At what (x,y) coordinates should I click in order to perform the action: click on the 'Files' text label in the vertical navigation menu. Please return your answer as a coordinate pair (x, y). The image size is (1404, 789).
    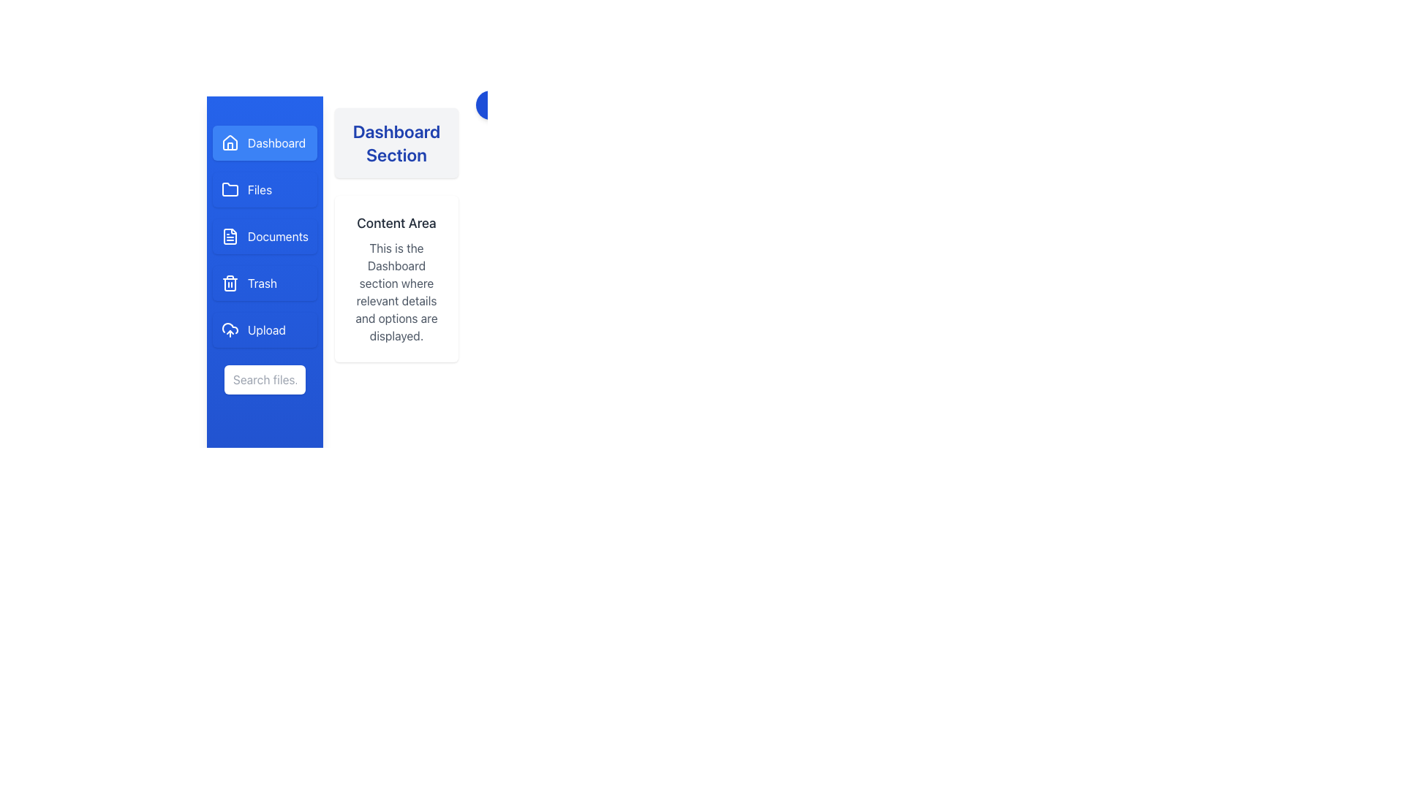
    Looking at the image, I should click on (260, 188).